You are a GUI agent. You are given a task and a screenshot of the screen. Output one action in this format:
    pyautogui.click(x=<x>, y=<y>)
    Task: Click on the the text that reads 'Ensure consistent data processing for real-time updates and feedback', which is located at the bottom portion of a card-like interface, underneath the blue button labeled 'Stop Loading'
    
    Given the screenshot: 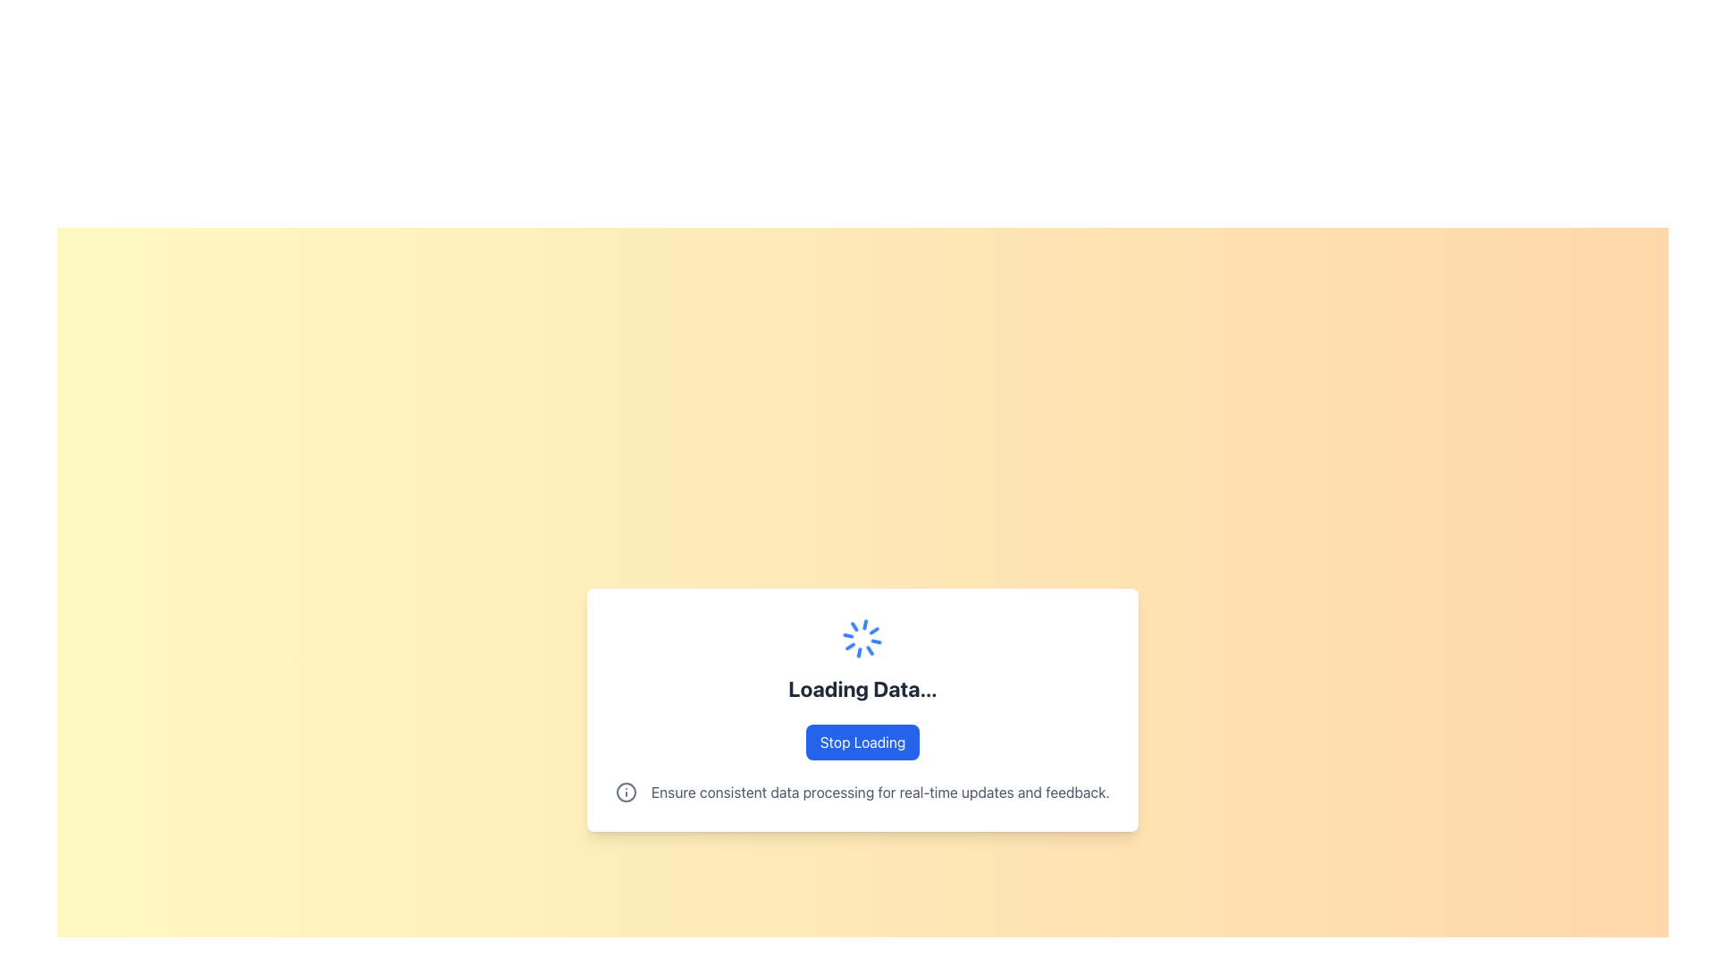 What is the action you would take?
    pyautogui.click(x=880, y=792)
    